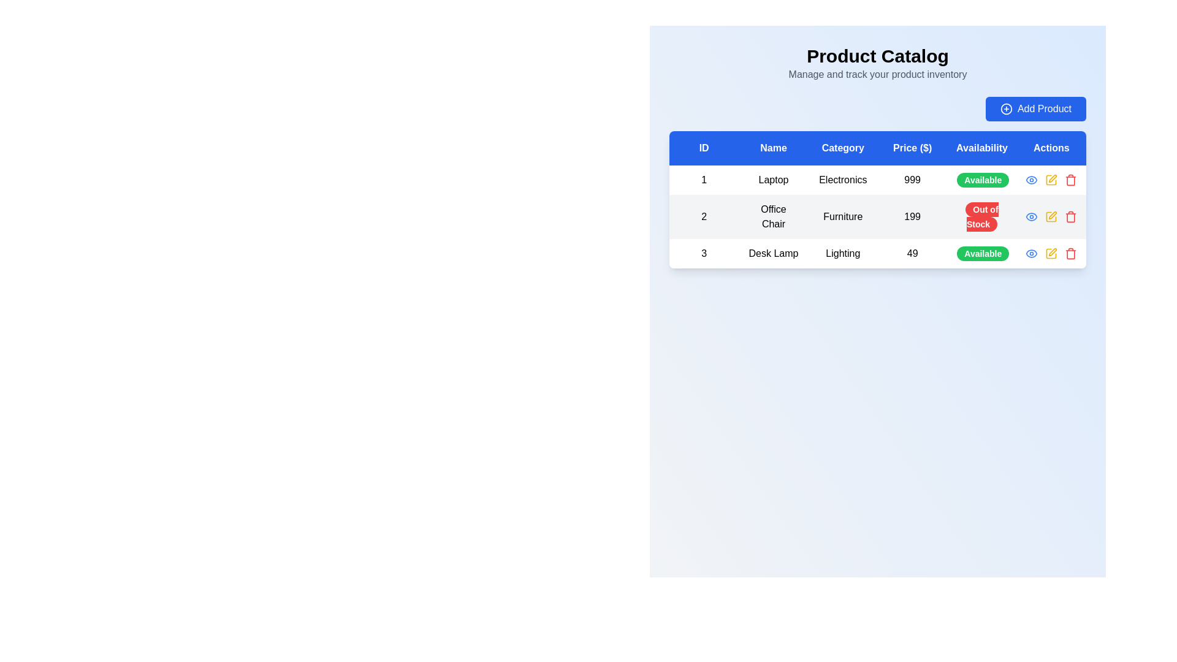 Image resolution: width=1177 pixels, height=662 pixels. I want to click on the text element that serves as an identifier for the corresponding row in the table, located in the top-left column under the 'ID' table heading, so click(704, 180).